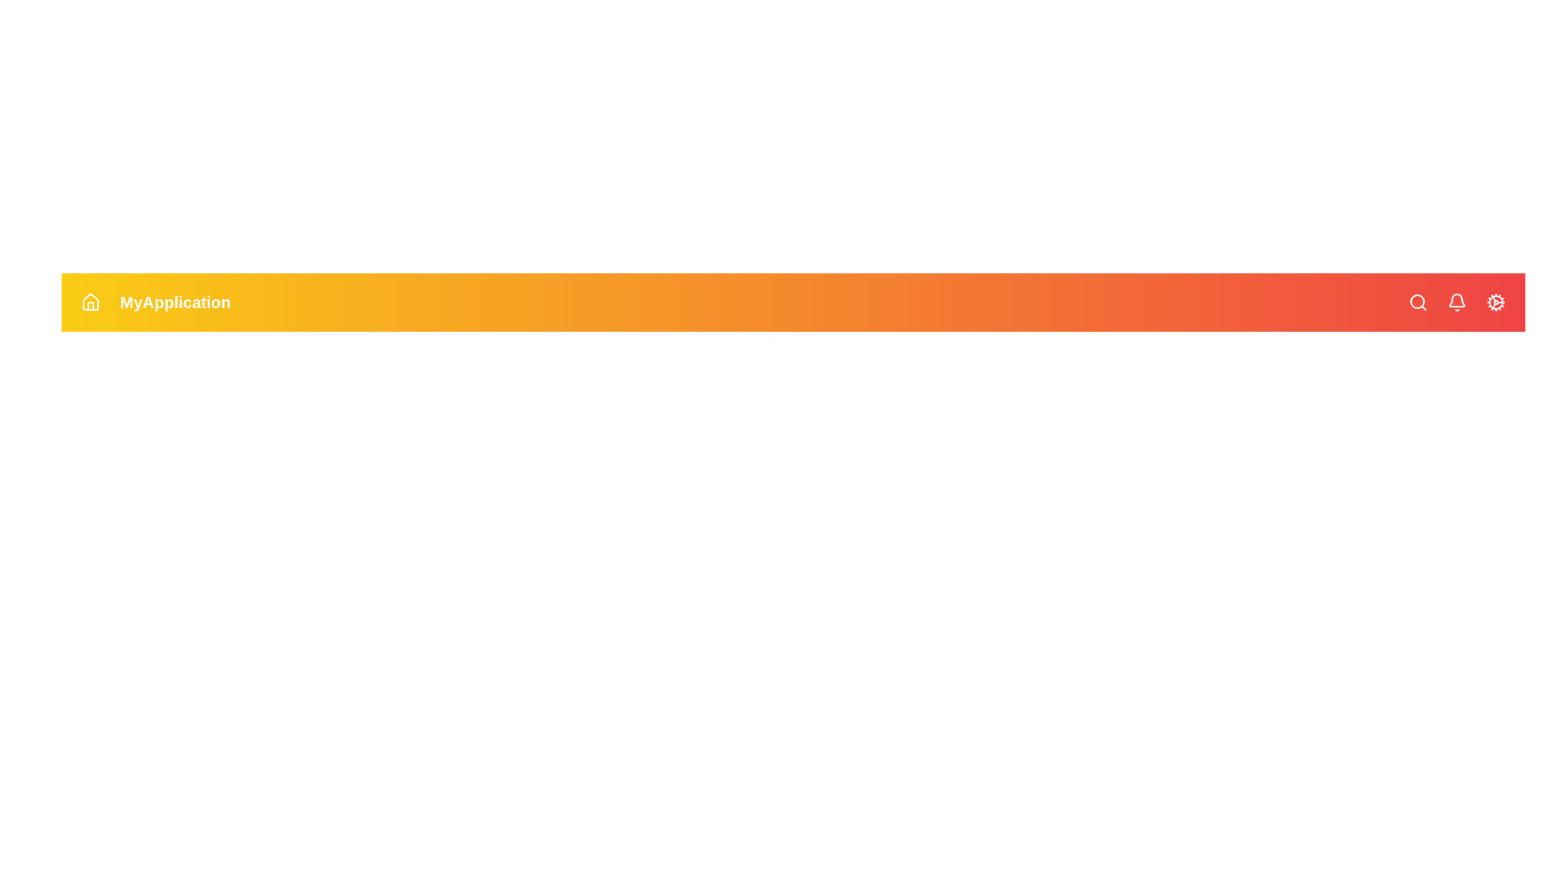  What do you see at coordinates (89, 303) in the screenshot?
I see `the Interactive Button located at the left-most end of the navigation bar to change its background color` at bounding box center [89, 303].